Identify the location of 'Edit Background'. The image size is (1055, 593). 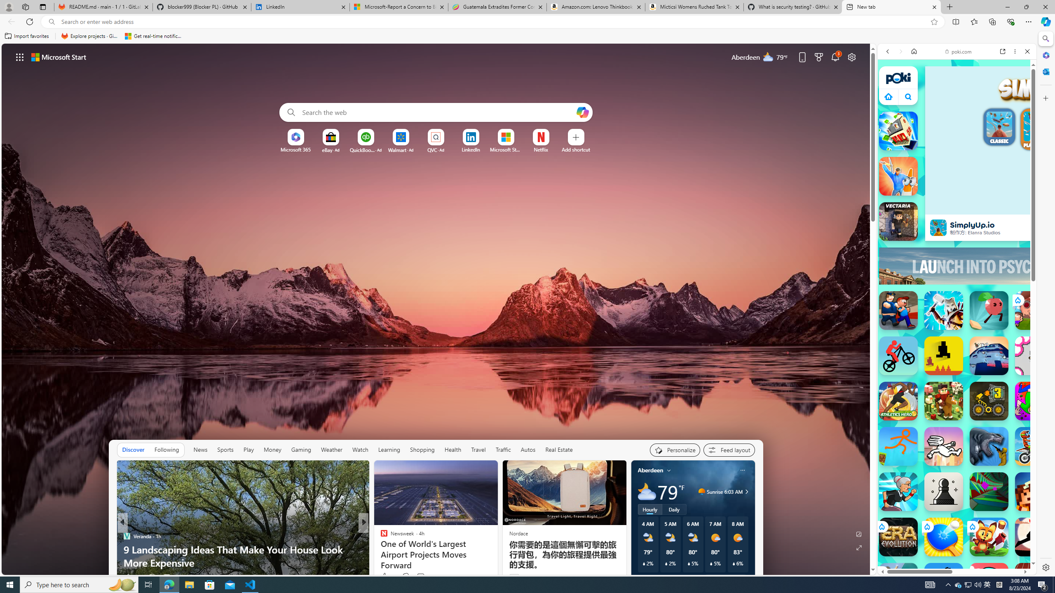
(859, 533).